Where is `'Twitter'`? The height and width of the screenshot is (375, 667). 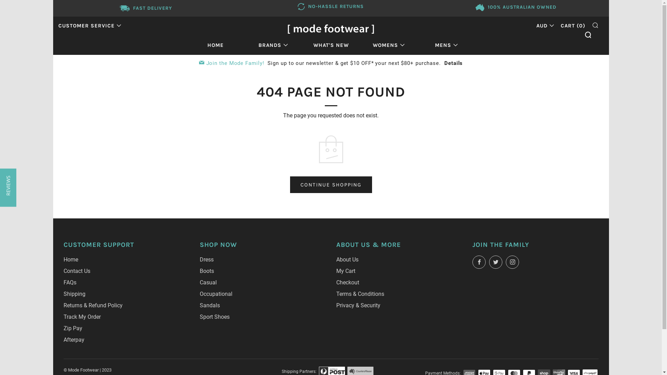 'Twitter' is located at coordinates (495, 262).